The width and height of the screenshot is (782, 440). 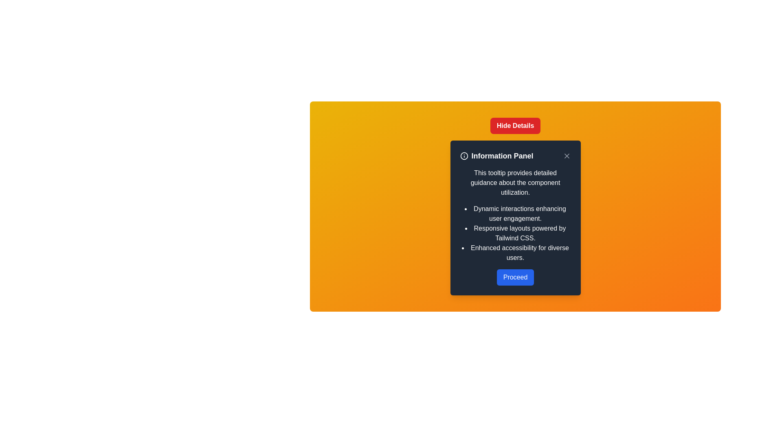 I want to click on the title Text Label of the dialog box, which is positioned below the 'Hide Details' button and serves to indicate the panel's purpose, so click(x=496, y=156).